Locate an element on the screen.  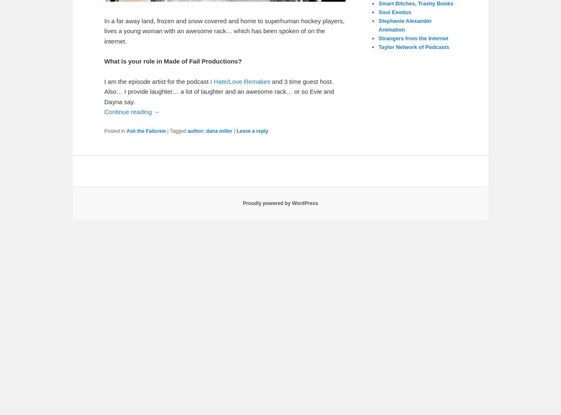
'Ask the Failcrew' is located at coordinates (146, 130).